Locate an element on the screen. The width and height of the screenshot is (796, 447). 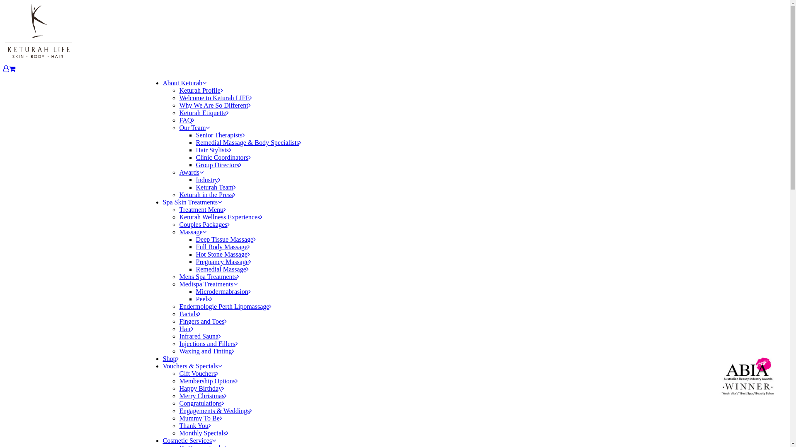
'Keturah Wellness Experiences' is located at coordinates (221, 216).